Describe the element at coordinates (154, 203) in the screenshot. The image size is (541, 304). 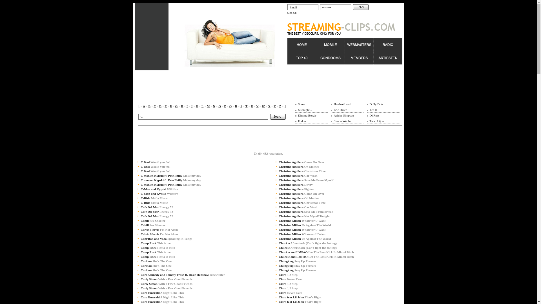
I see `'C-Ride Mafia Music'` at that location.